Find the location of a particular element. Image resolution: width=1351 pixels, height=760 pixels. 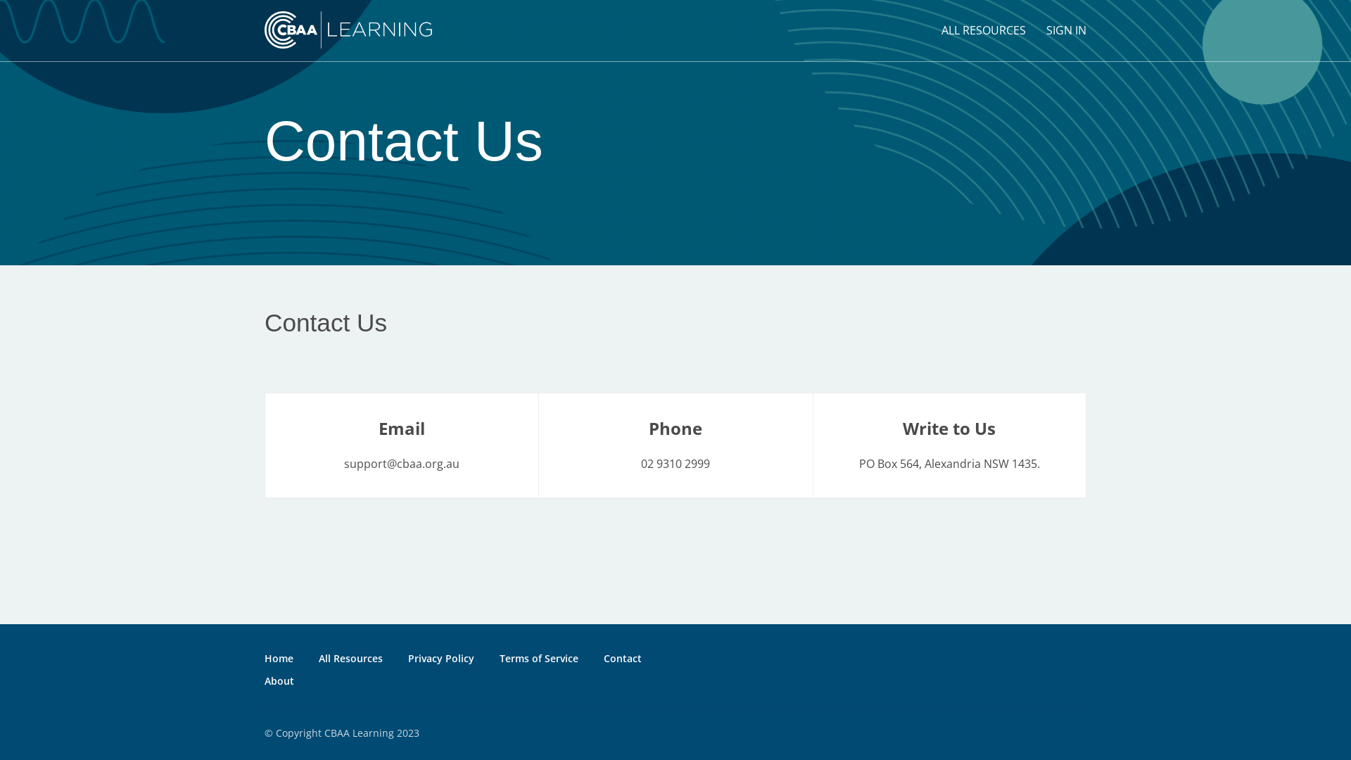

'About' is located at coordinates (279, 680).